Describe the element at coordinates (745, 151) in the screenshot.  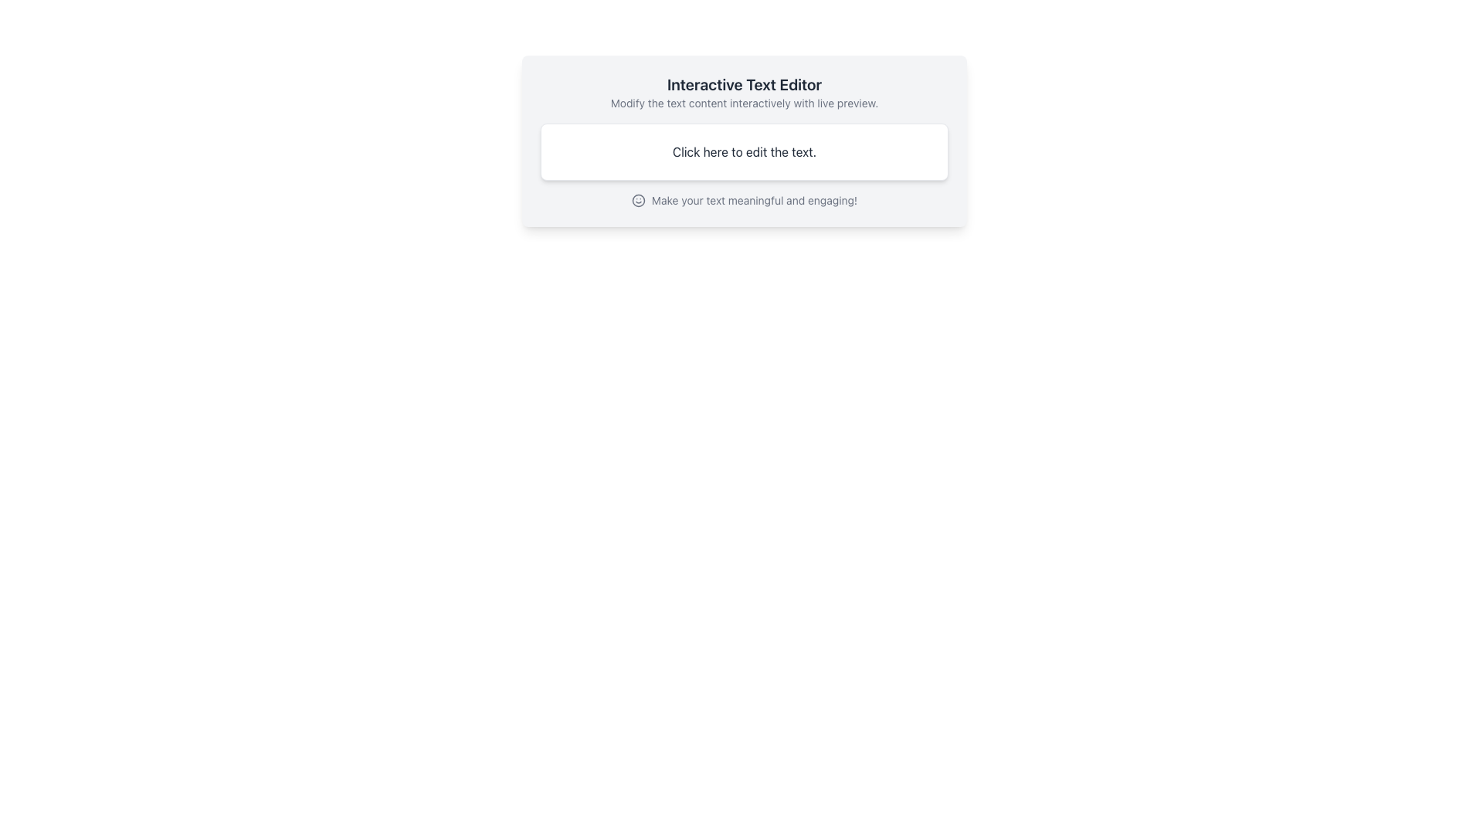
I see `the Text Display Area located below the heading 'Interactive Text Editor' and the subtitle 'Modify the text content interactively with live preview.'` at that location.